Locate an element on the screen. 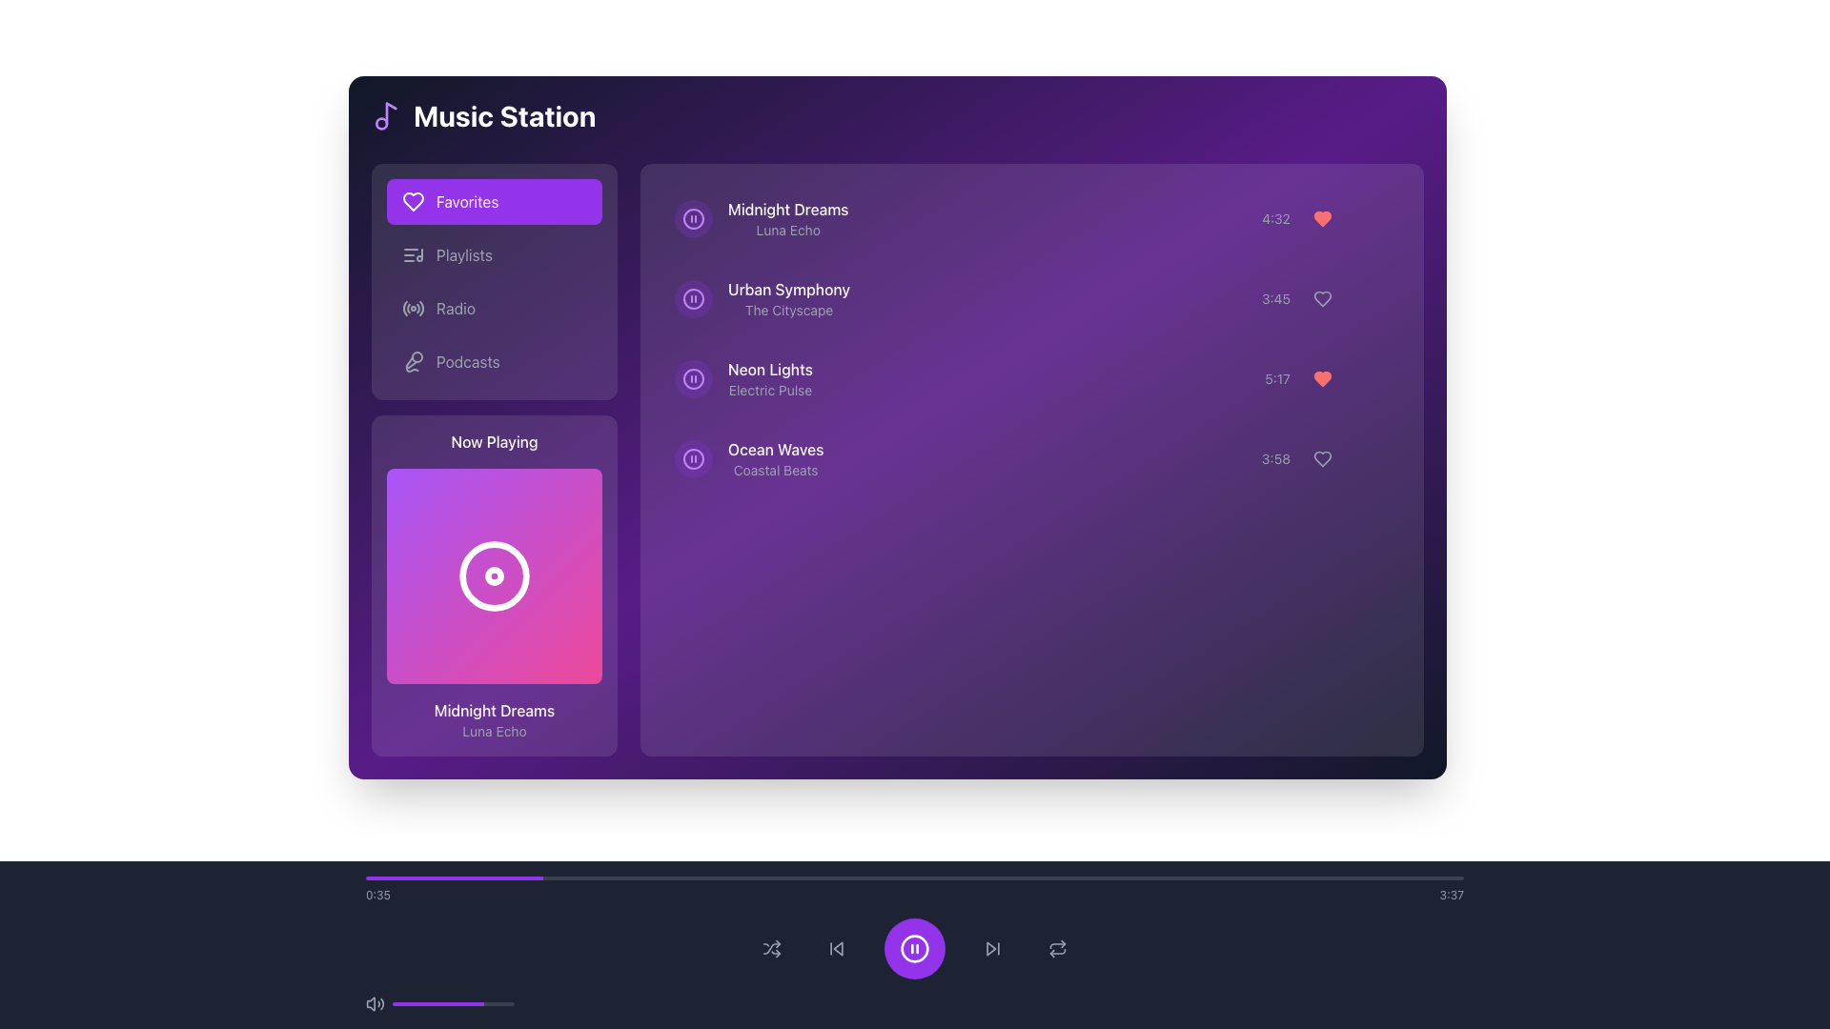 This screenshot has width=1830, height=1029. playback position is located at coordinates (1017, 878).